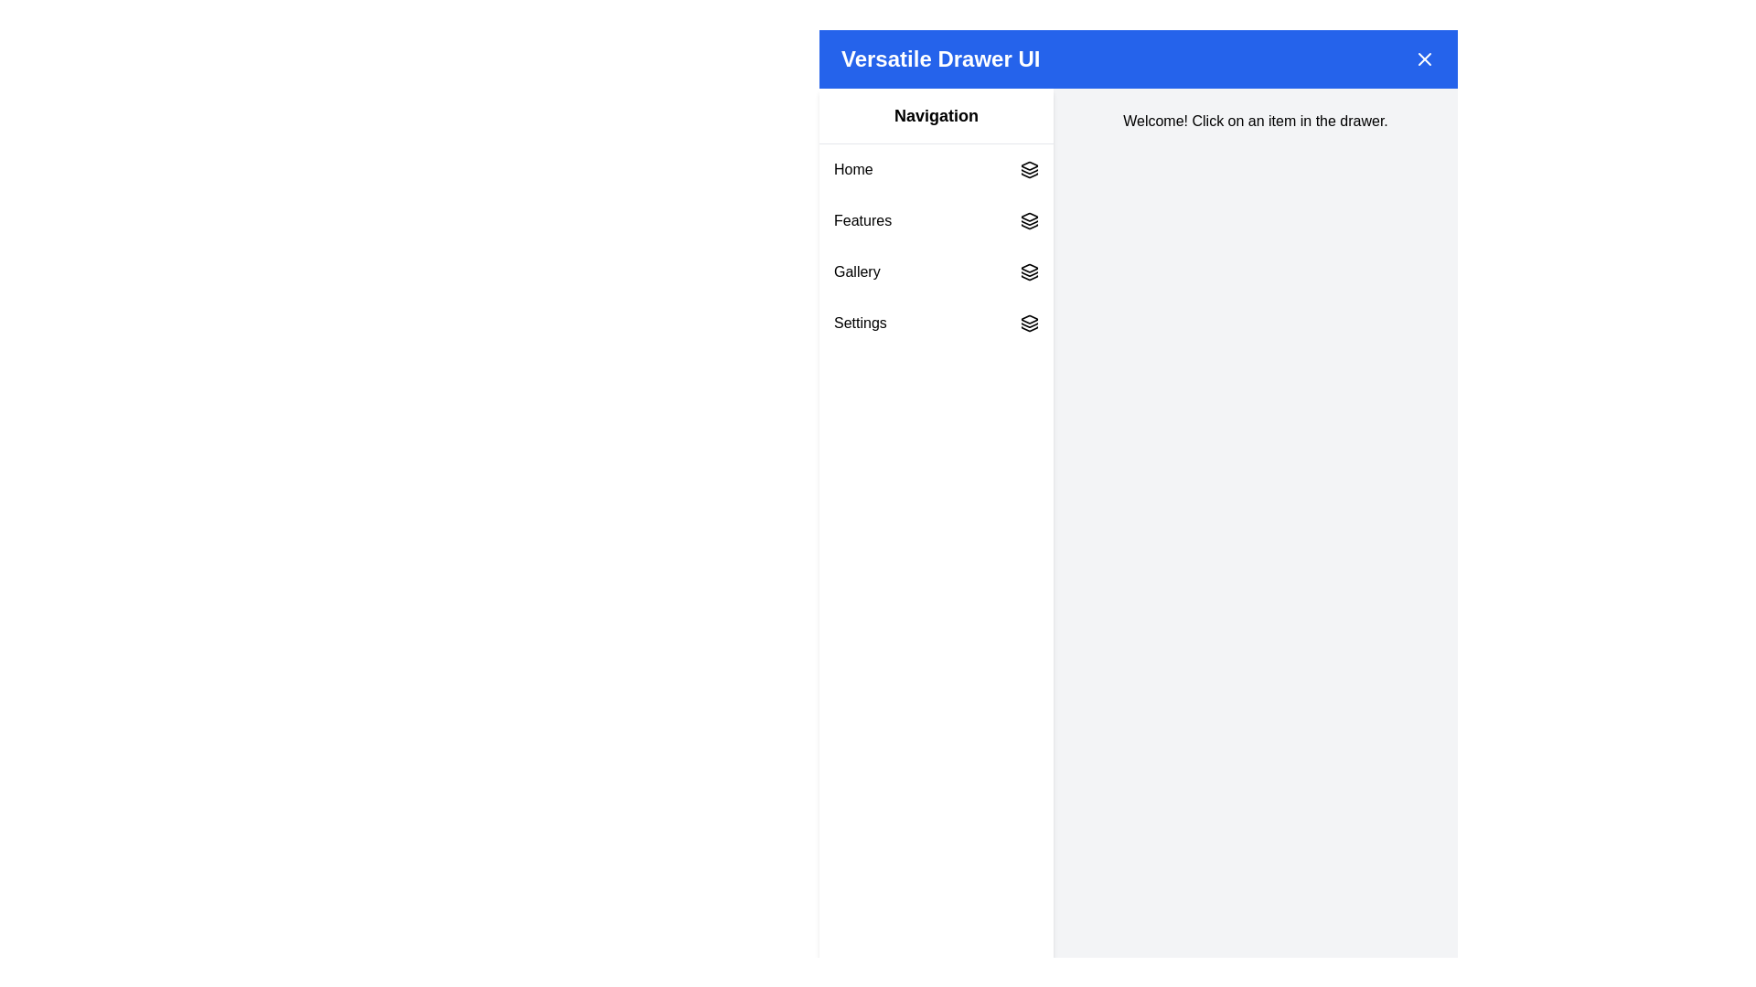 The height and width of the screenshot is (987, 1756). Describe the element at coordinates (1030, 271) in the screenshot. I see `the visual representation of the icon resembling stacked layers, located to the right of the 'Gallery' text in the navigation menu` at that location.